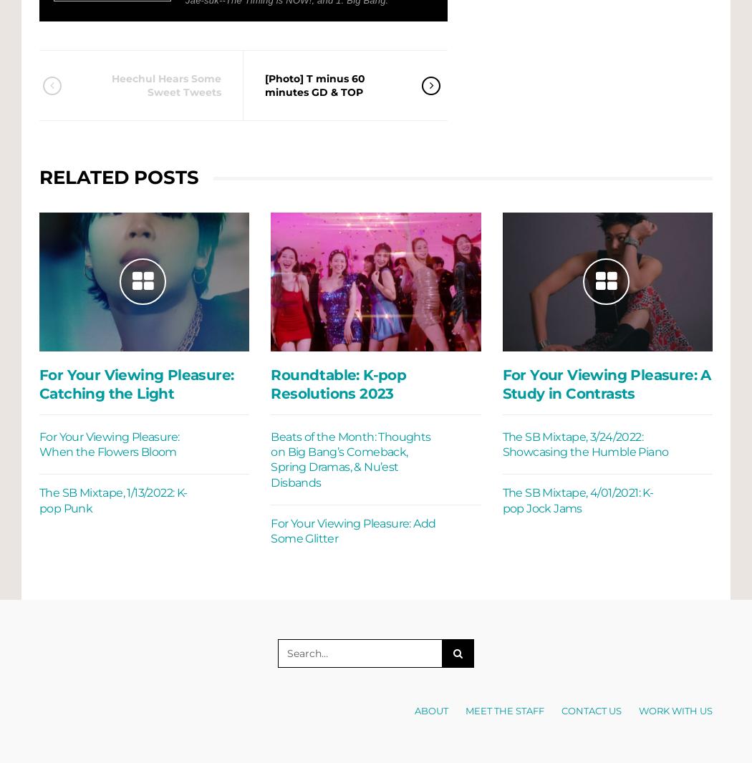  What do you see at coordinates (675, 710) in the screenshot?
I see `'Work with Us'` at bounding box center [675, 710].